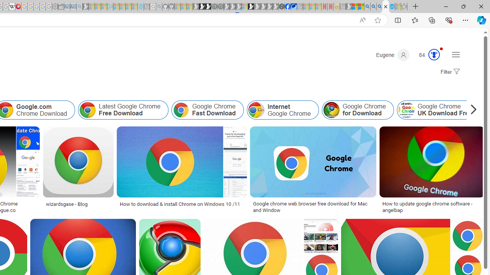 Image resolution: width=490 pixels, height=275 pixels. I want to click on 'Microsoft Rewards 84', so click(426, 55).